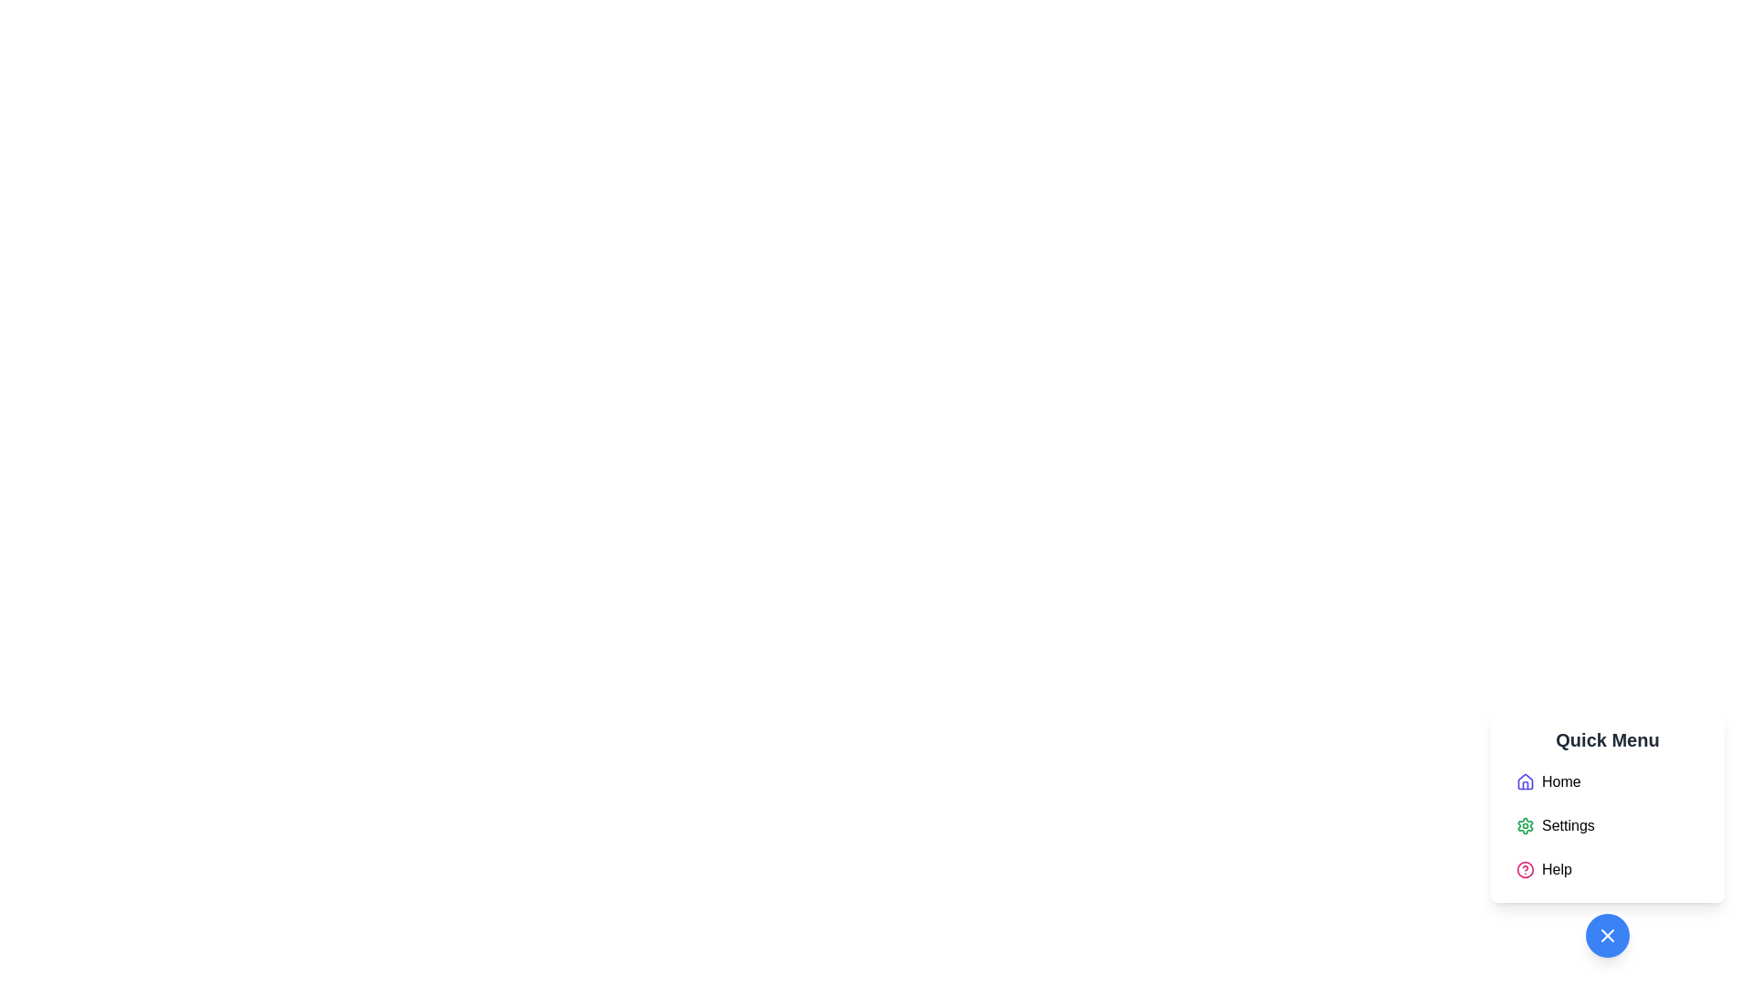 This screenshot has width=1754, height=987. I want to click on the primary gear icon with intricate tooth patterns, colored green, located in the second item of the quick menu in the bottom-right corner of the application, so click(1526, 825).